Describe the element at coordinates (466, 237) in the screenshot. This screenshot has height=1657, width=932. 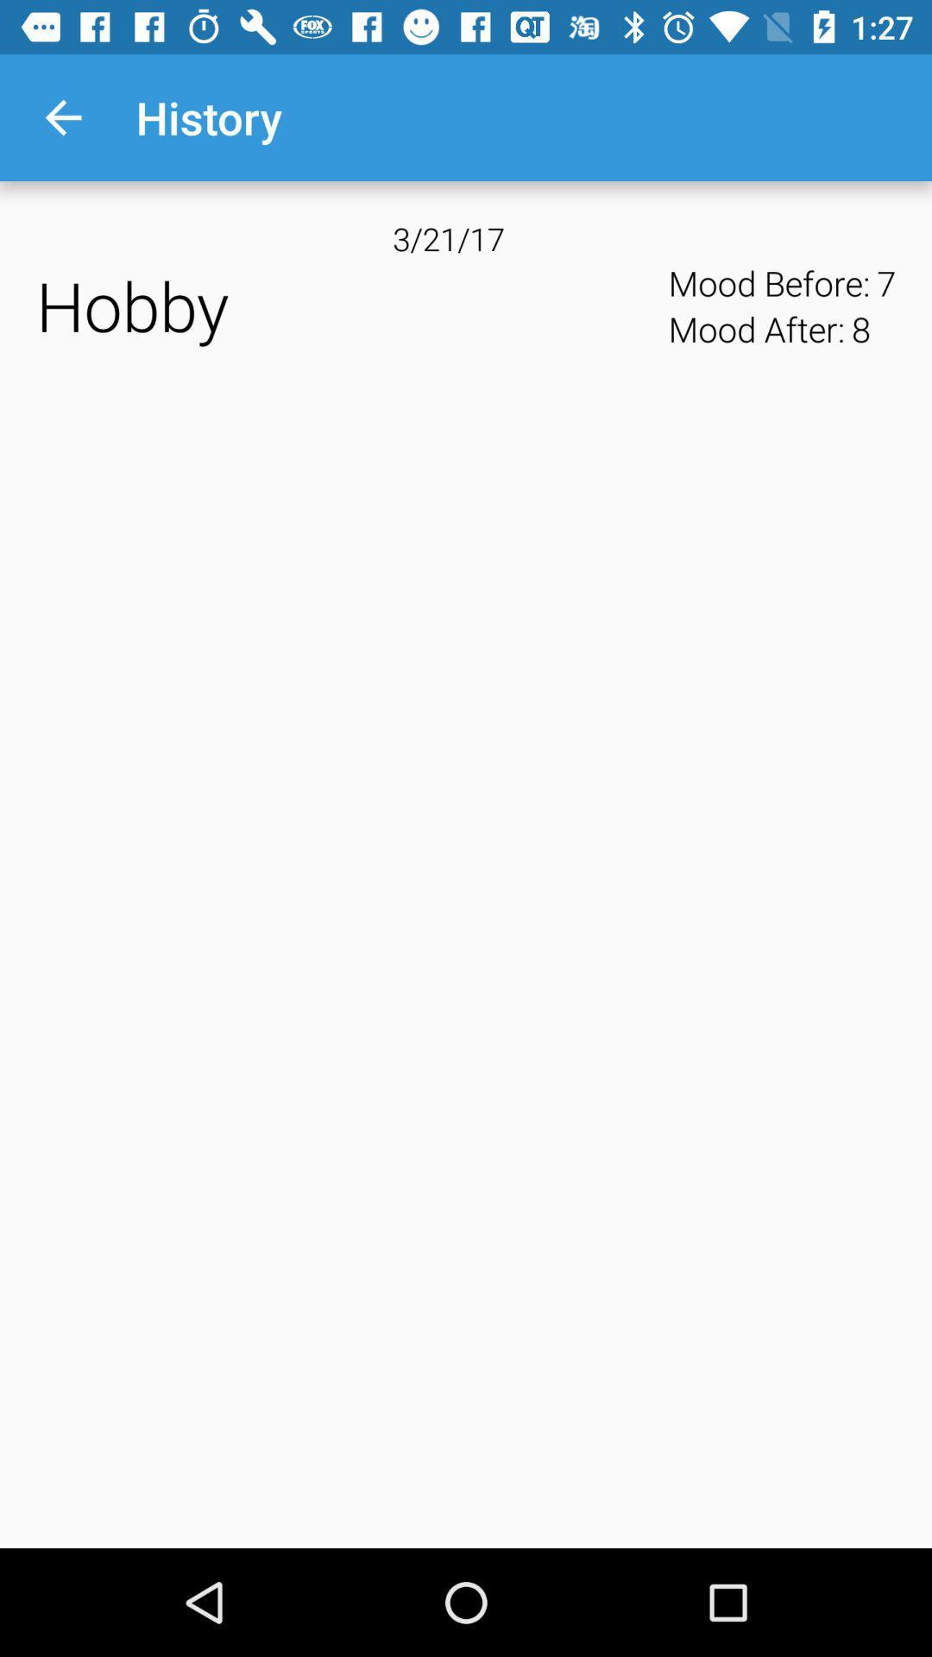
I see `the 3/21/17` at that location.